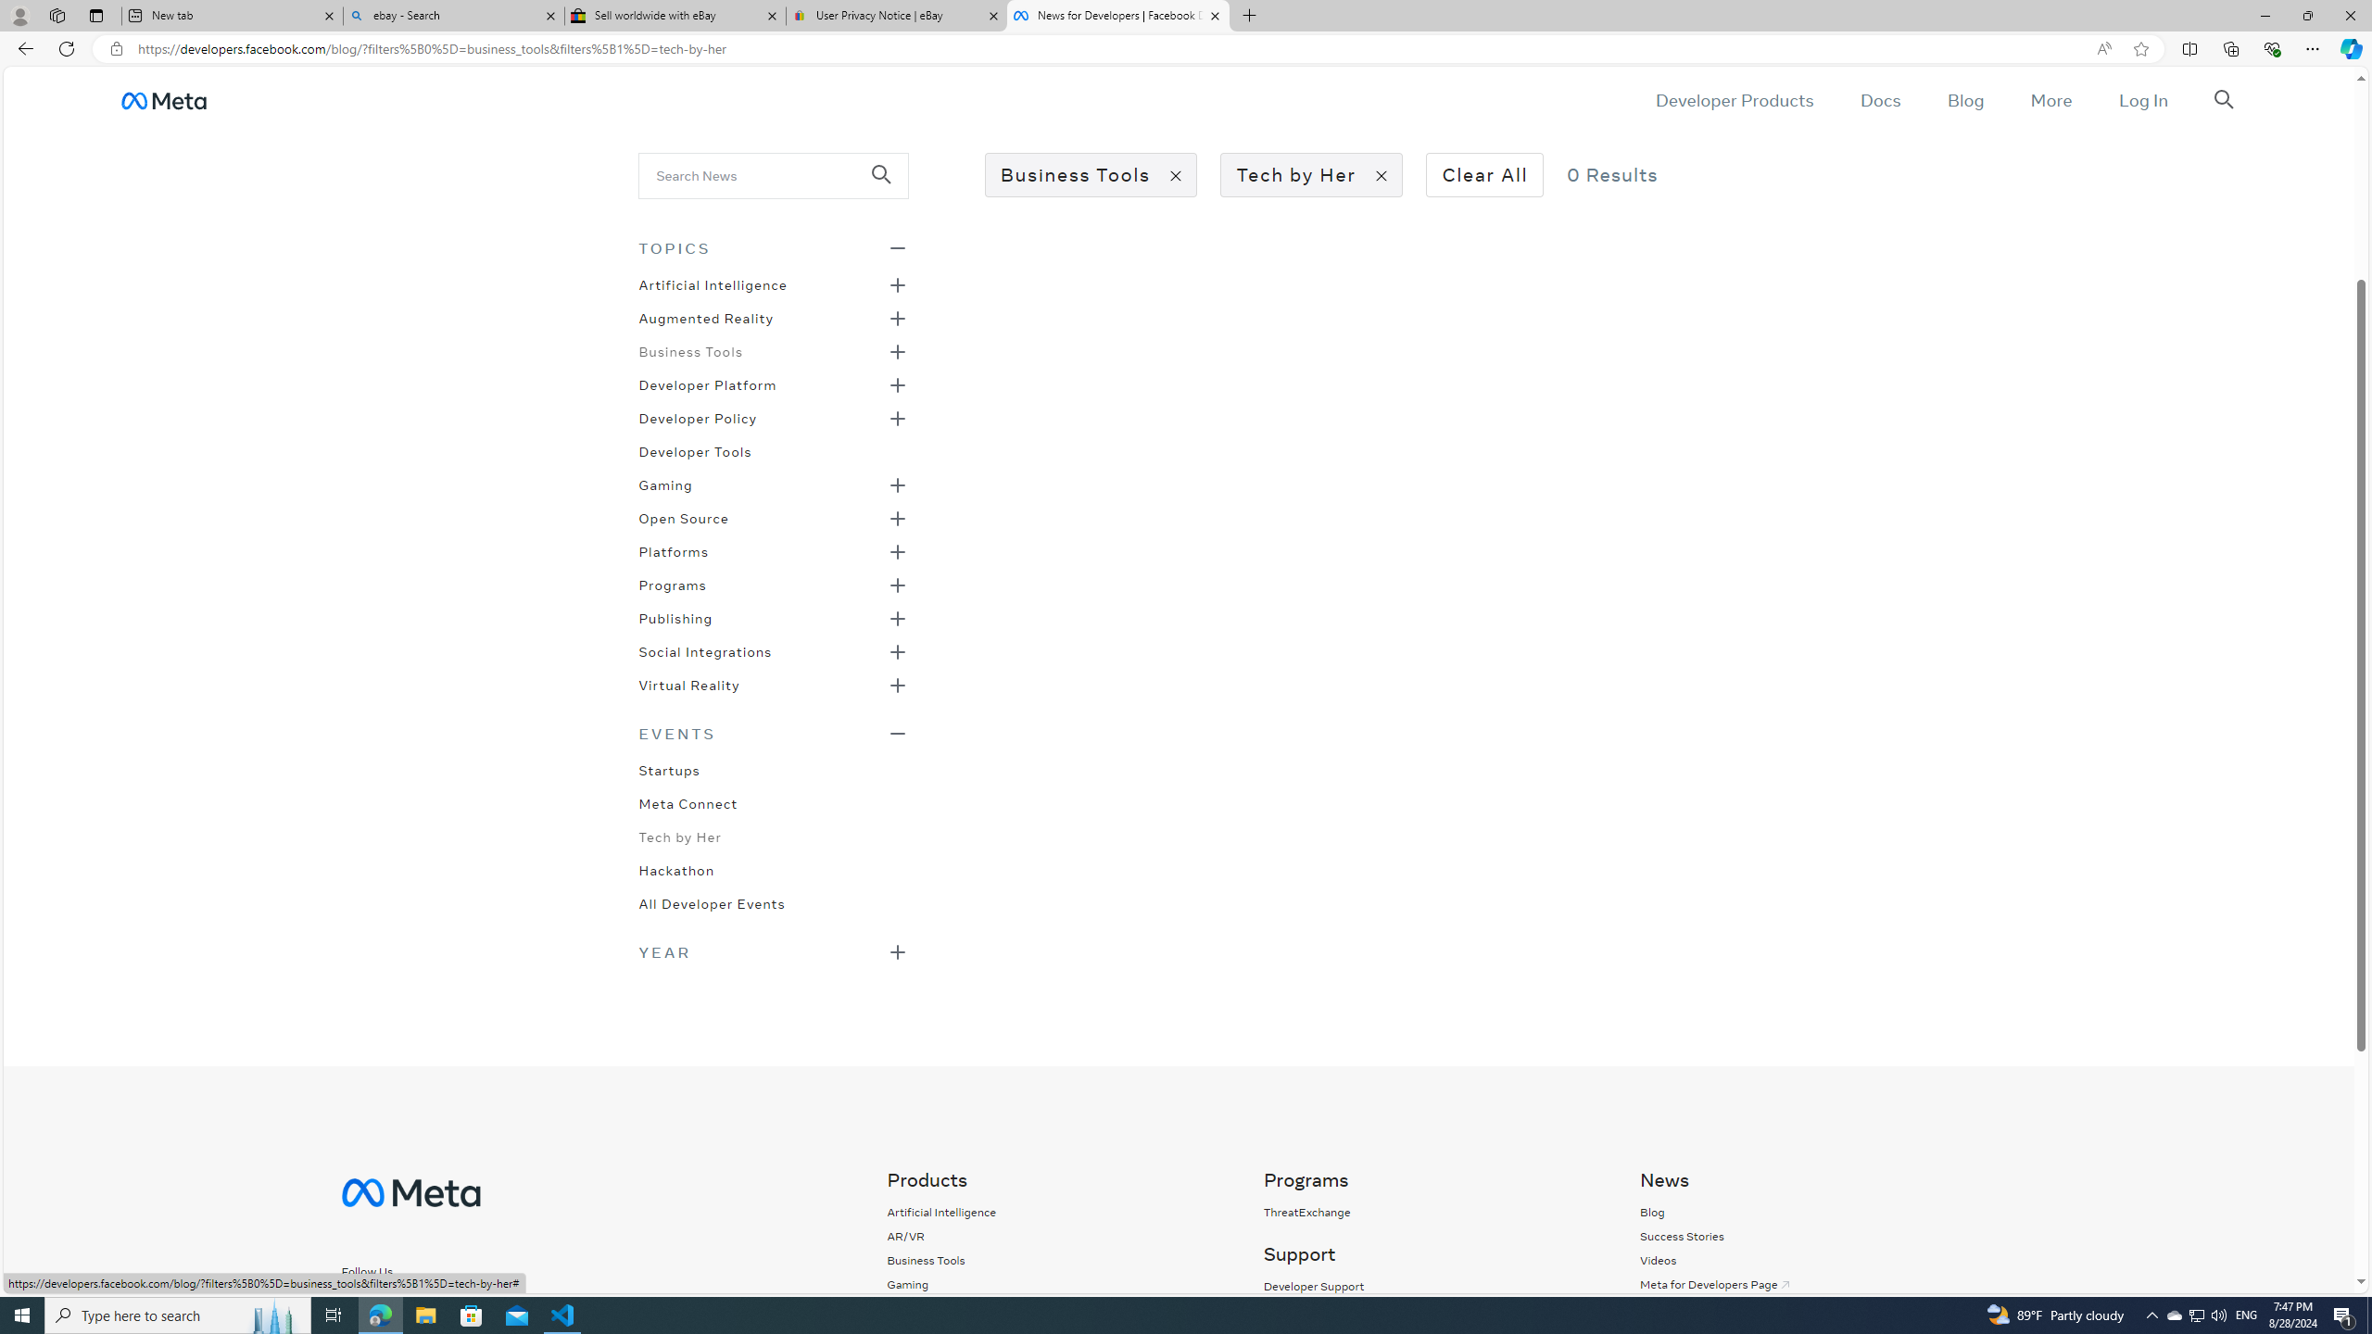  What do you see at coordinates (1878, 99) in the screenshot?
I see `'Docs'` at bounding box center [1878, 99].